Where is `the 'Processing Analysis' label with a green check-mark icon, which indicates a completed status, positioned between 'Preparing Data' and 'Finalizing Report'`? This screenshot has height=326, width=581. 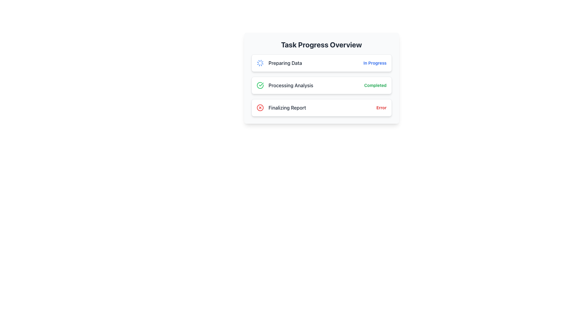 the 'Processing Analysis' label with a green check-mark icon, which indicates a completed status, positioned between 'Preparing Data' and 'Finalizing Report' is located at coordinates (284, 85).